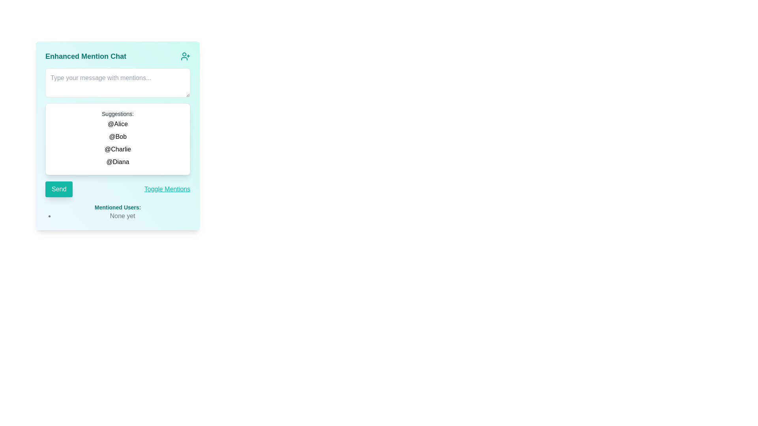 Image resolution: width=758 pixels, height=426 pixels. Describe the element at coordinates (117, 136) in the screenshot. I see `the second item in the mention suggestions dropdown` at that location.